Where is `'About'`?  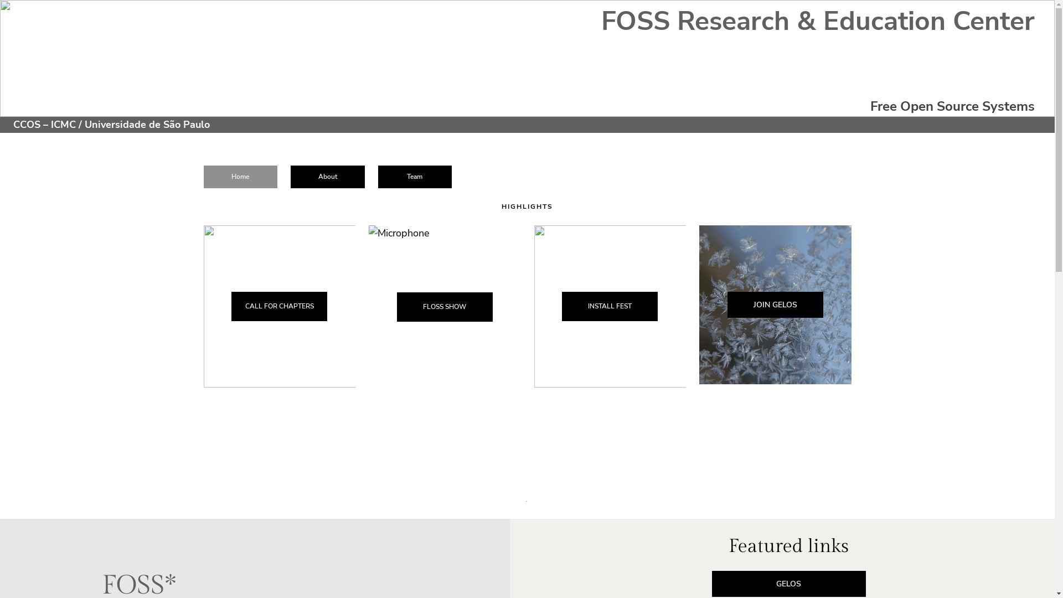 'About' is located at coordinates (290, 176).